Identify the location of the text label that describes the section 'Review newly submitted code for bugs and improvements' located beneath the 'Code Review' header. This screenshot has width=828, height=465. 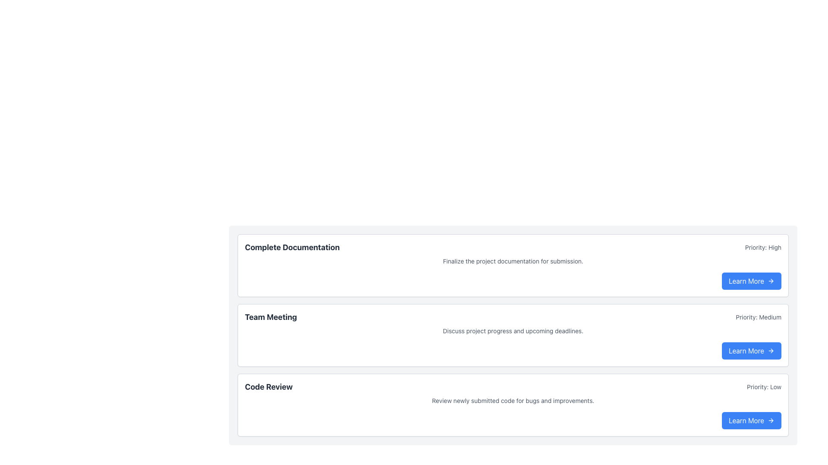
(513, 400).